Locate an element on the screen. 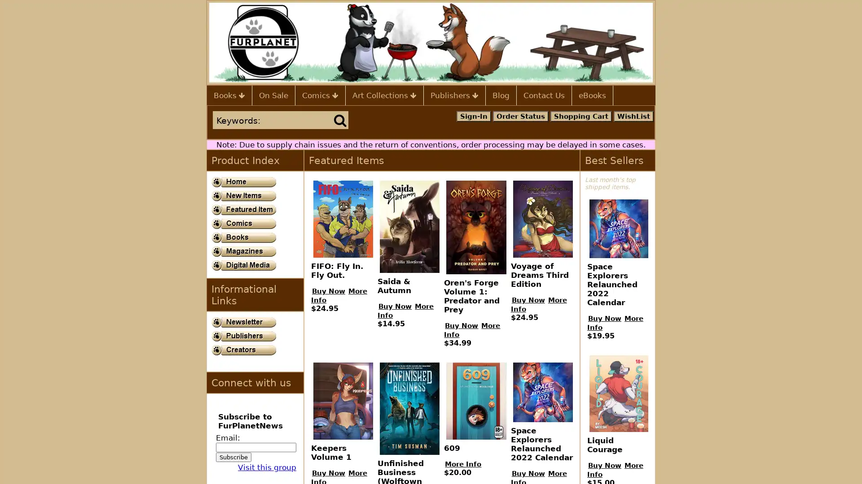  WishList is located at coordinates (633, 115).